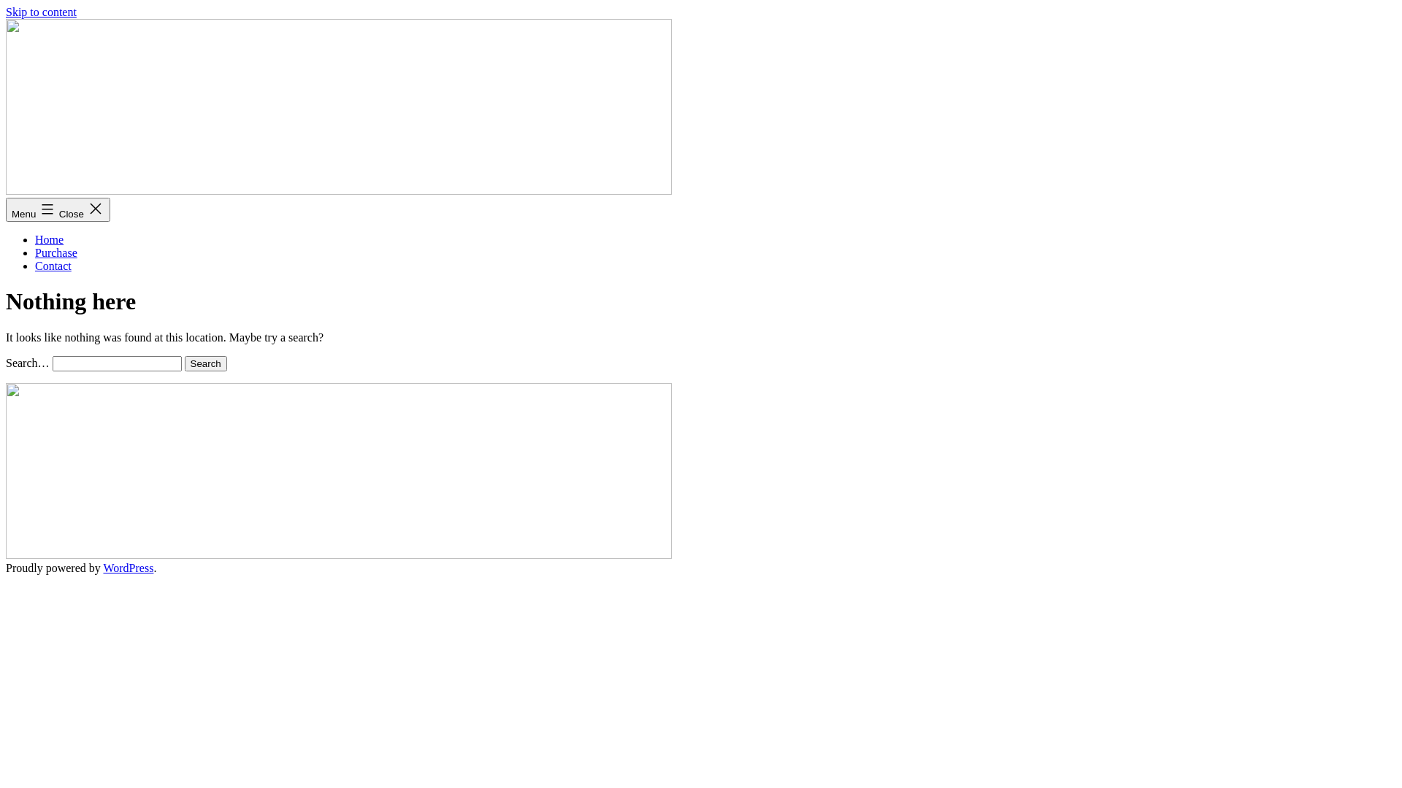 The image size is (1402, 788). I want to click on 'WordPress', so click(128, 567).